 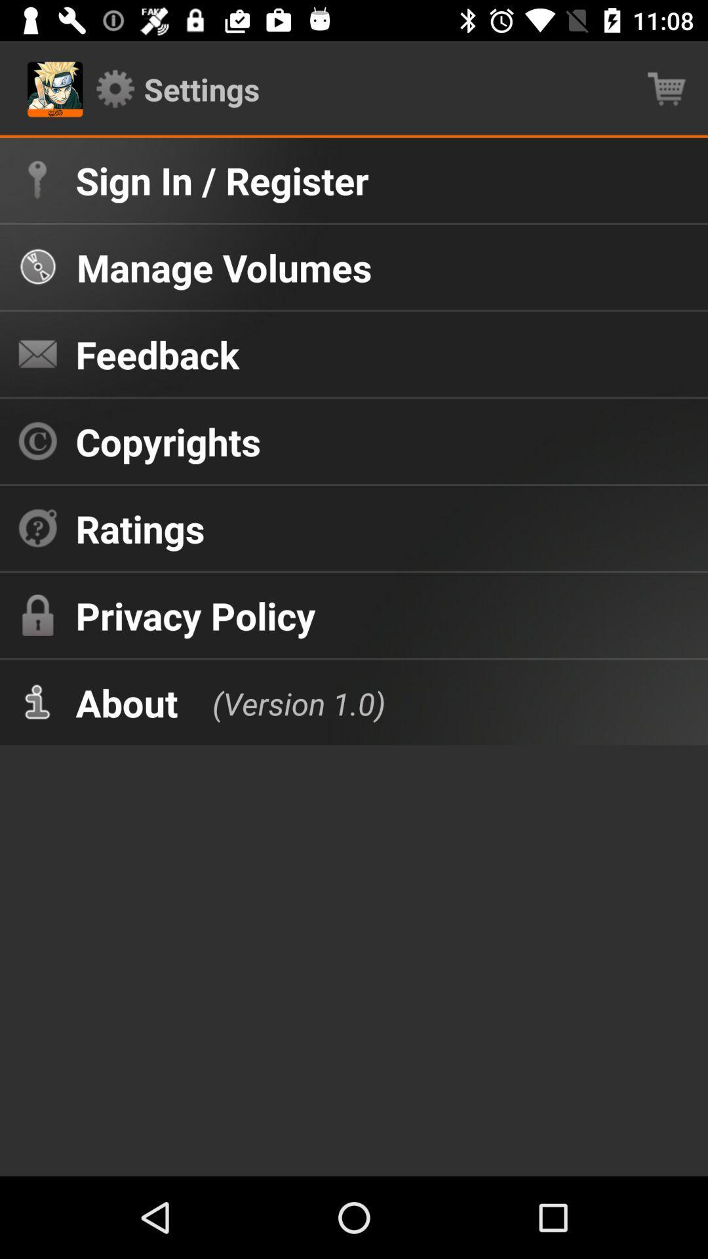 What do you see at coordinates (140, 528) in the screenshot?
I see `the icon below copyrights item` at bounding box center [140, 528].